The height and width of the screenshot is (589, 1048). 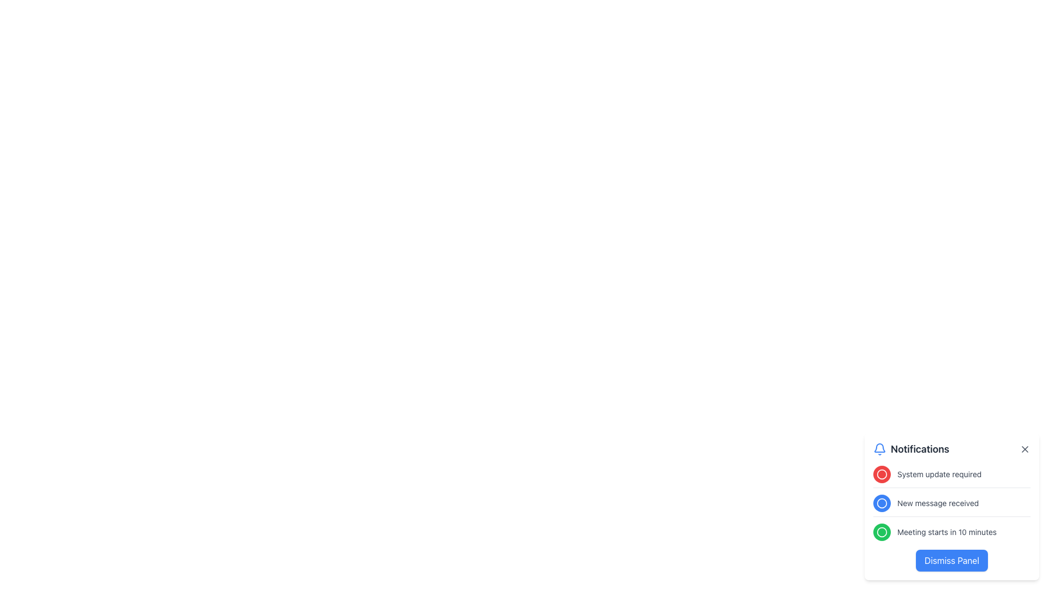 I want to click on the close button with an 'X' symbol located at the top-right corner of the 'Notifications' panel, so click(x=1024, y=449).